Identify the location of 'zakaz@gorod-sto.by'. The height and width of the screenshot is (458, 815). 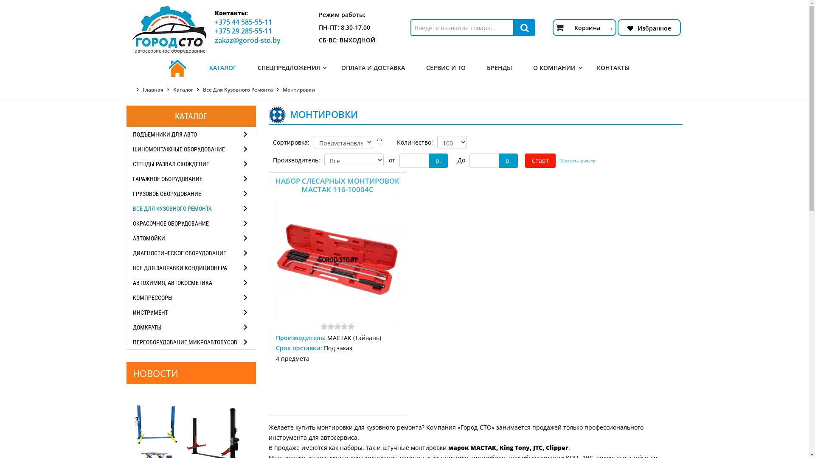
(247, 40).